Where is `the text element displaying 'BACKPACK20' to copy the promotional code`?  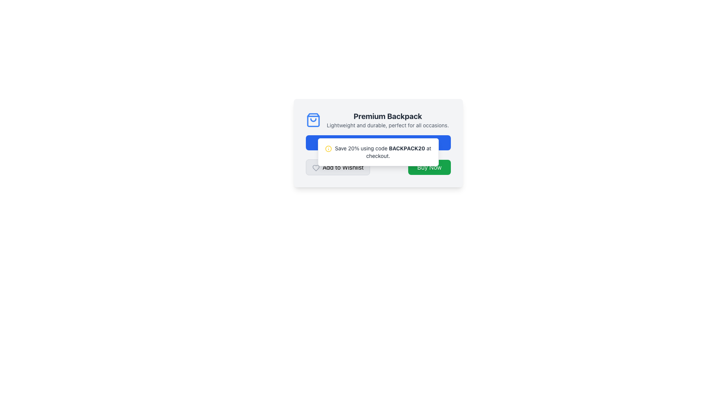 the text element displaying 'BACKPACK20' to copy the promotional code is located at coordinates (406, 148).